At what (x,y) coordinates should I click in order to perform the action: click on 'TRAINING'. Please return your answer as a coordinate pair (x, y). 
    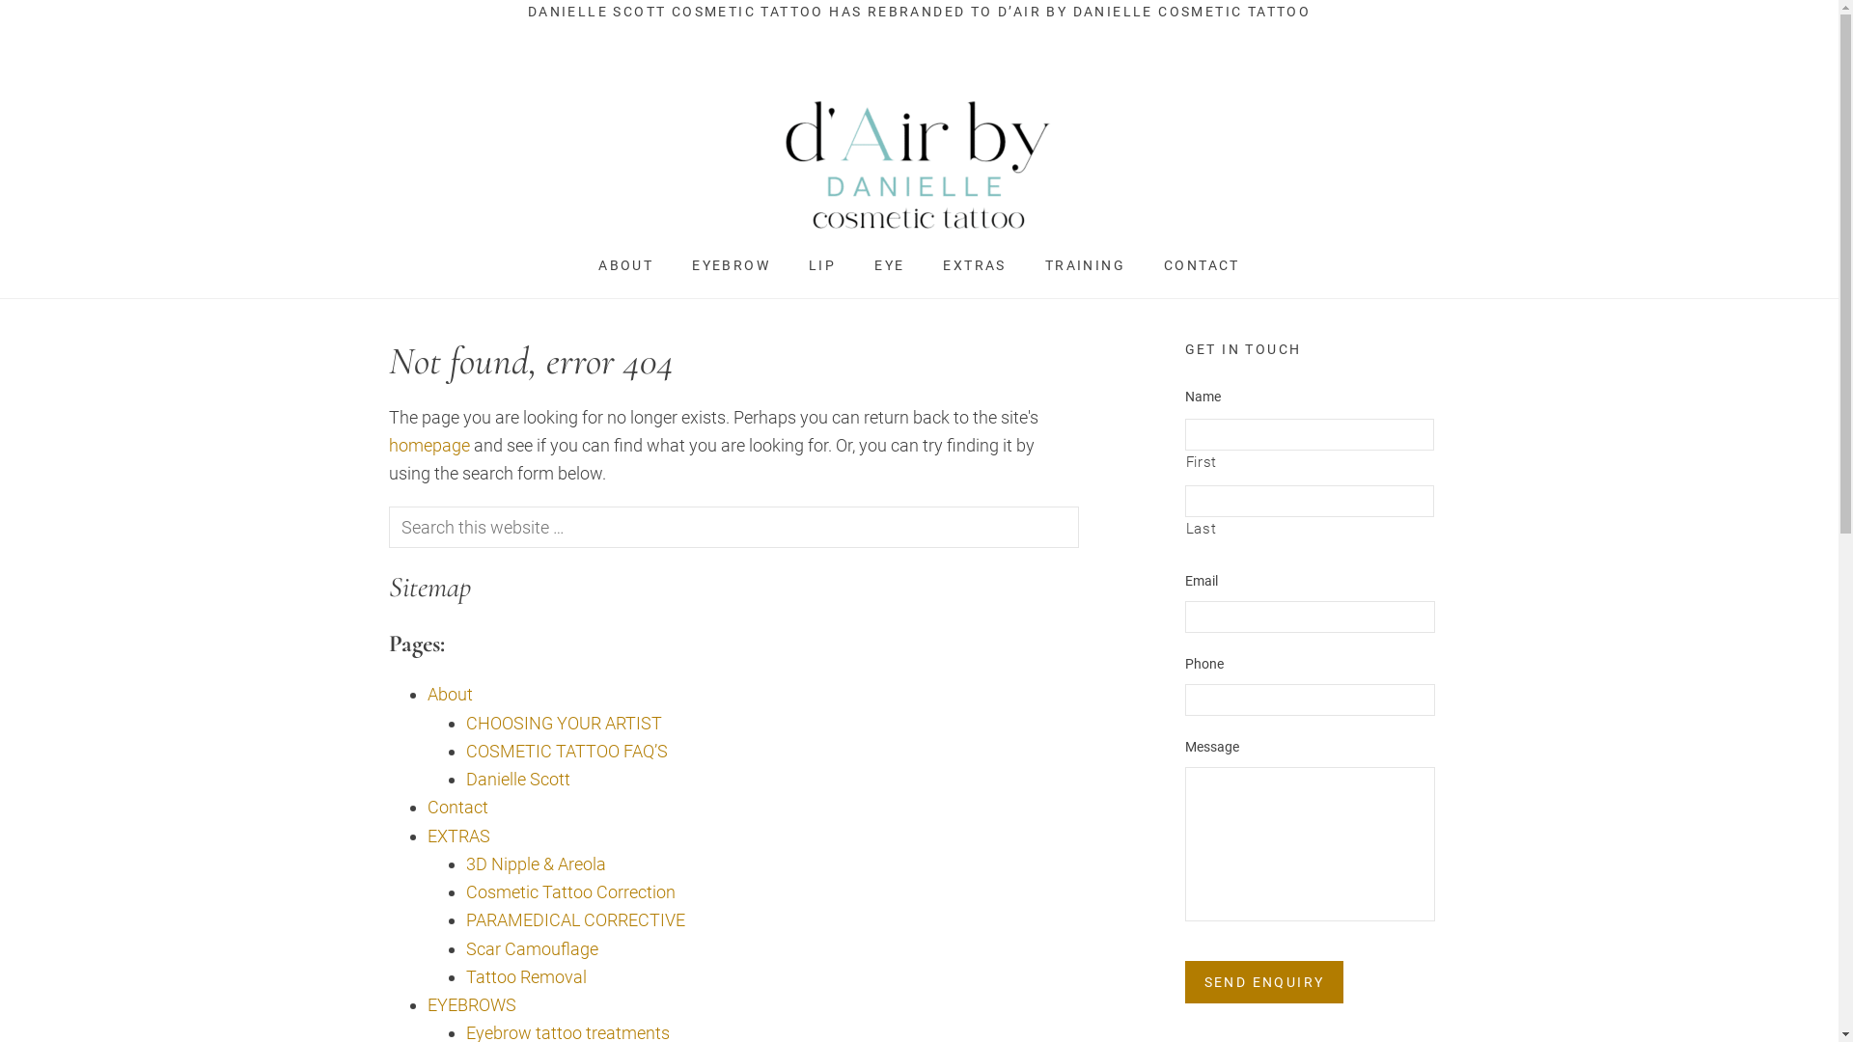
    Looking at the image, I should click on (1085, 265).